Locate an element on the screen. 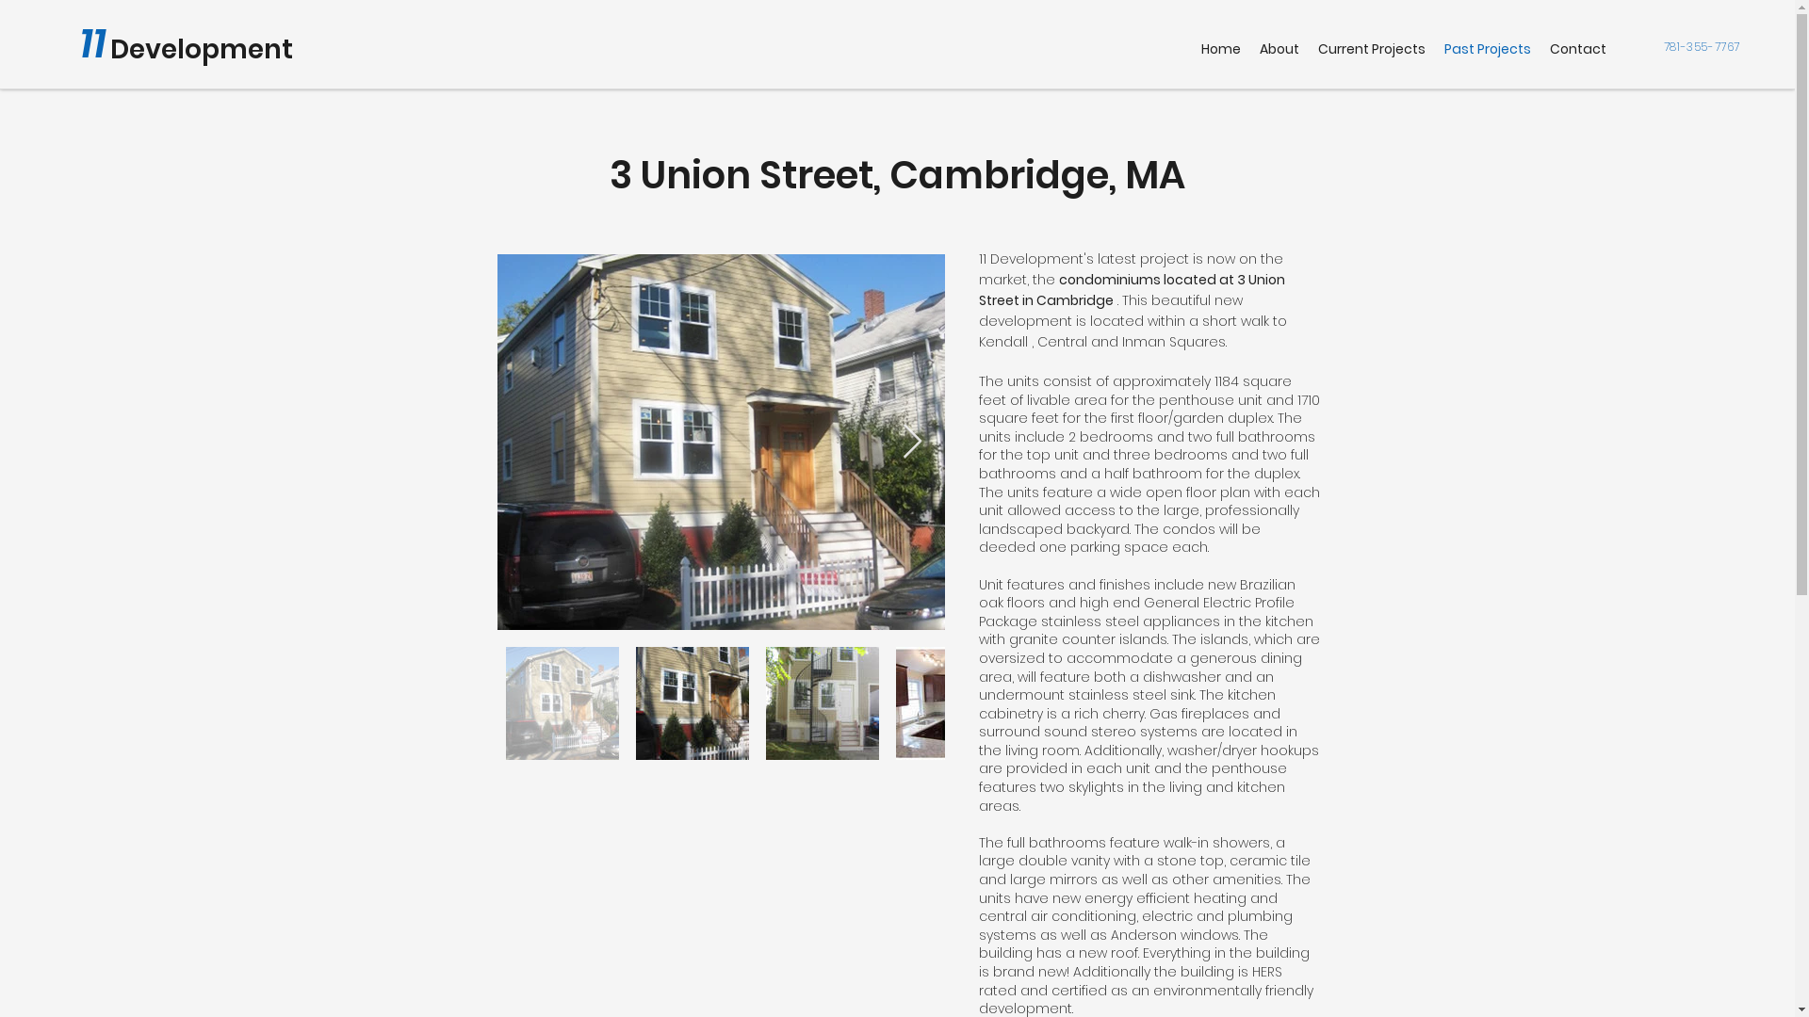  'Home' is located at coordinates (1221, 48).